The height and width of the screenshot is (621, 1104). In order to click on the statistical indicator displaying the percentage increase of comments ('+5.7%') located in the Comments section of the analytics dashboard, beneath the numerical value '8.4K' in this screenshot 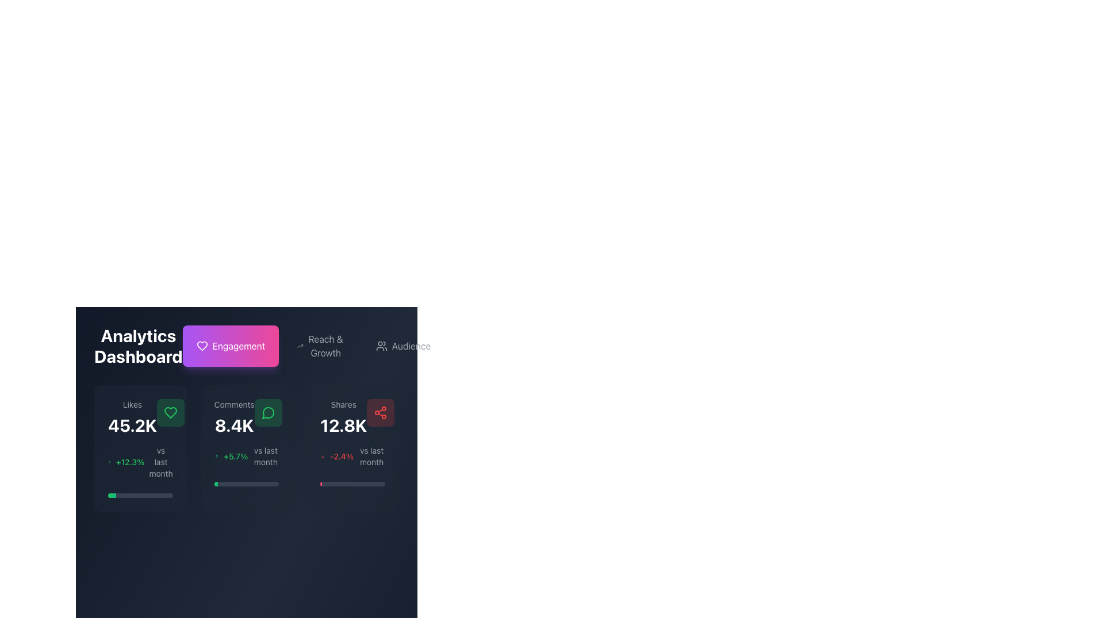, I will do `click(246, 456)`.